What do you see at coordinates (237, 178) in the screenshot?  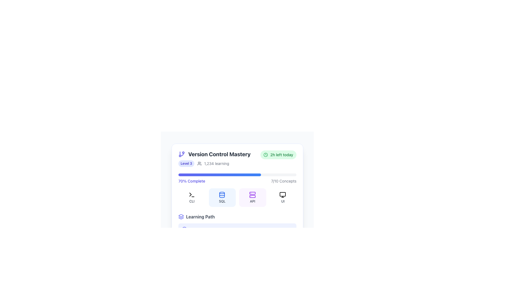 I see `the Progress Indicator for the 'Version Control Mastery' module to view details about percentage completion and concepts covered` at bounding box center [237, 178].